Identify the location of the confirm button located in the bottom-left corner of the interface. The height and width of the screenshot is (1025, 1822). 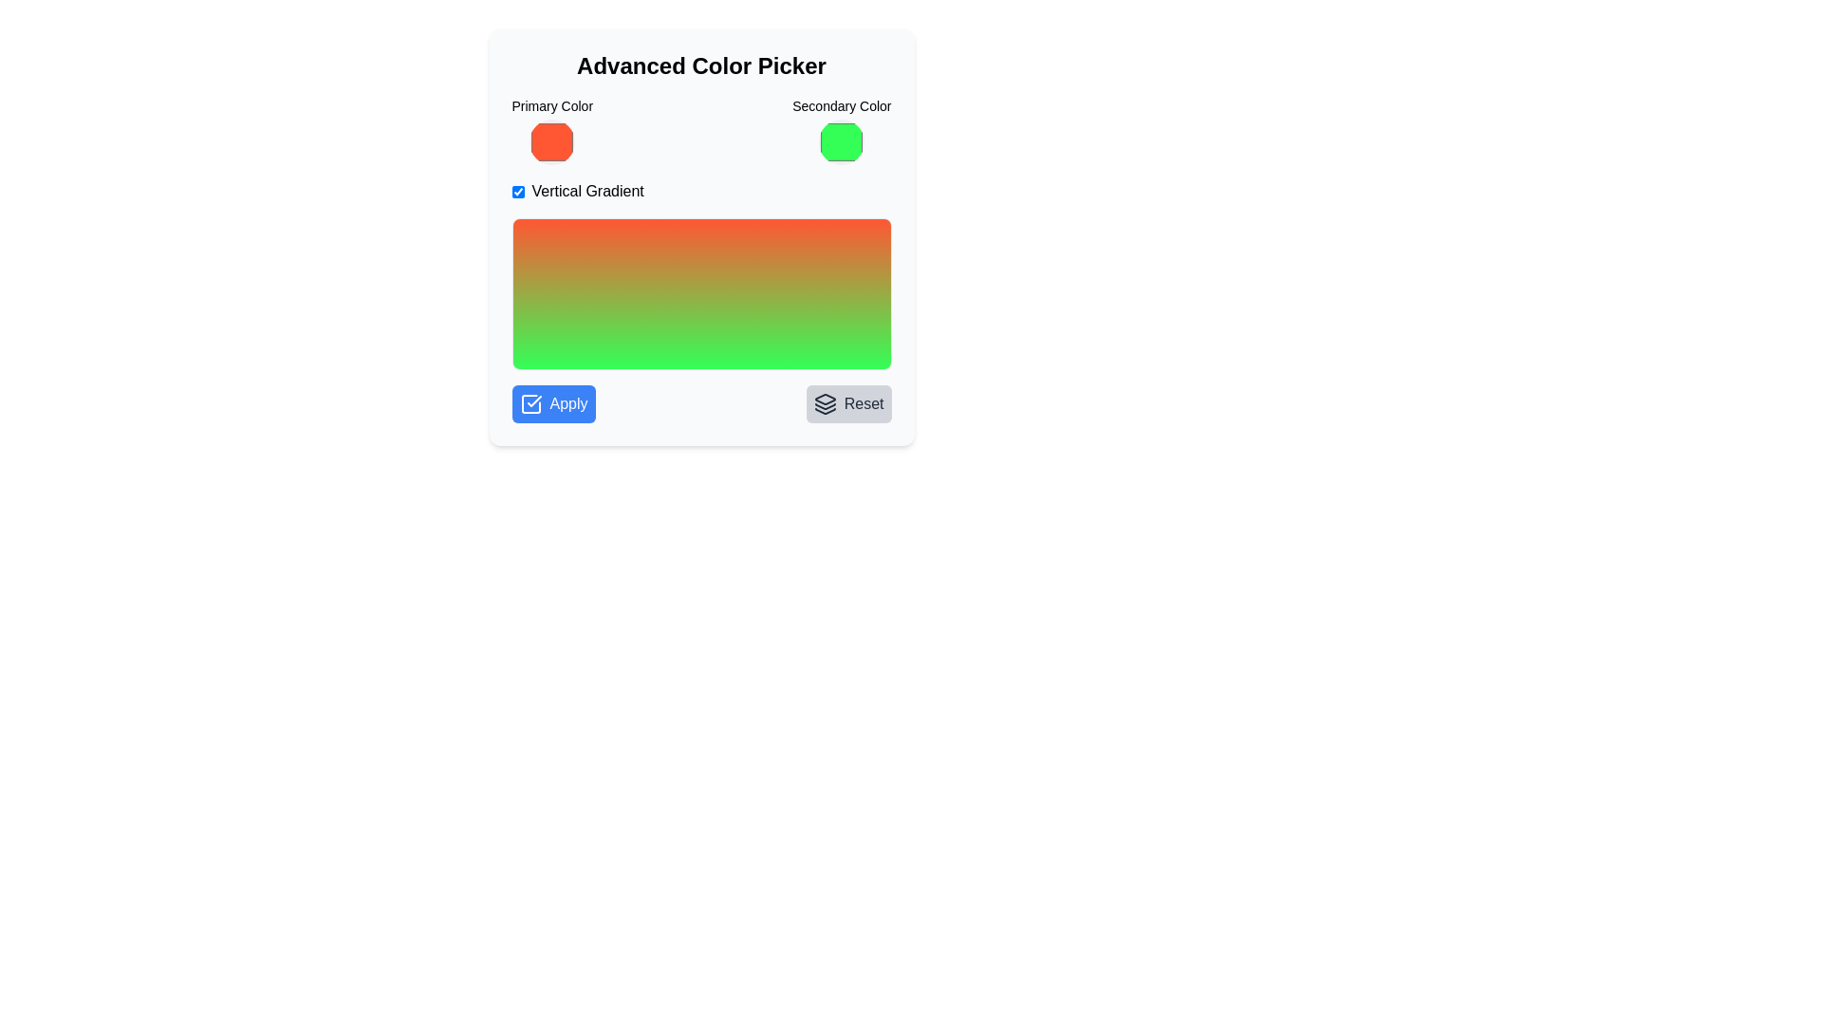
(552, 402).